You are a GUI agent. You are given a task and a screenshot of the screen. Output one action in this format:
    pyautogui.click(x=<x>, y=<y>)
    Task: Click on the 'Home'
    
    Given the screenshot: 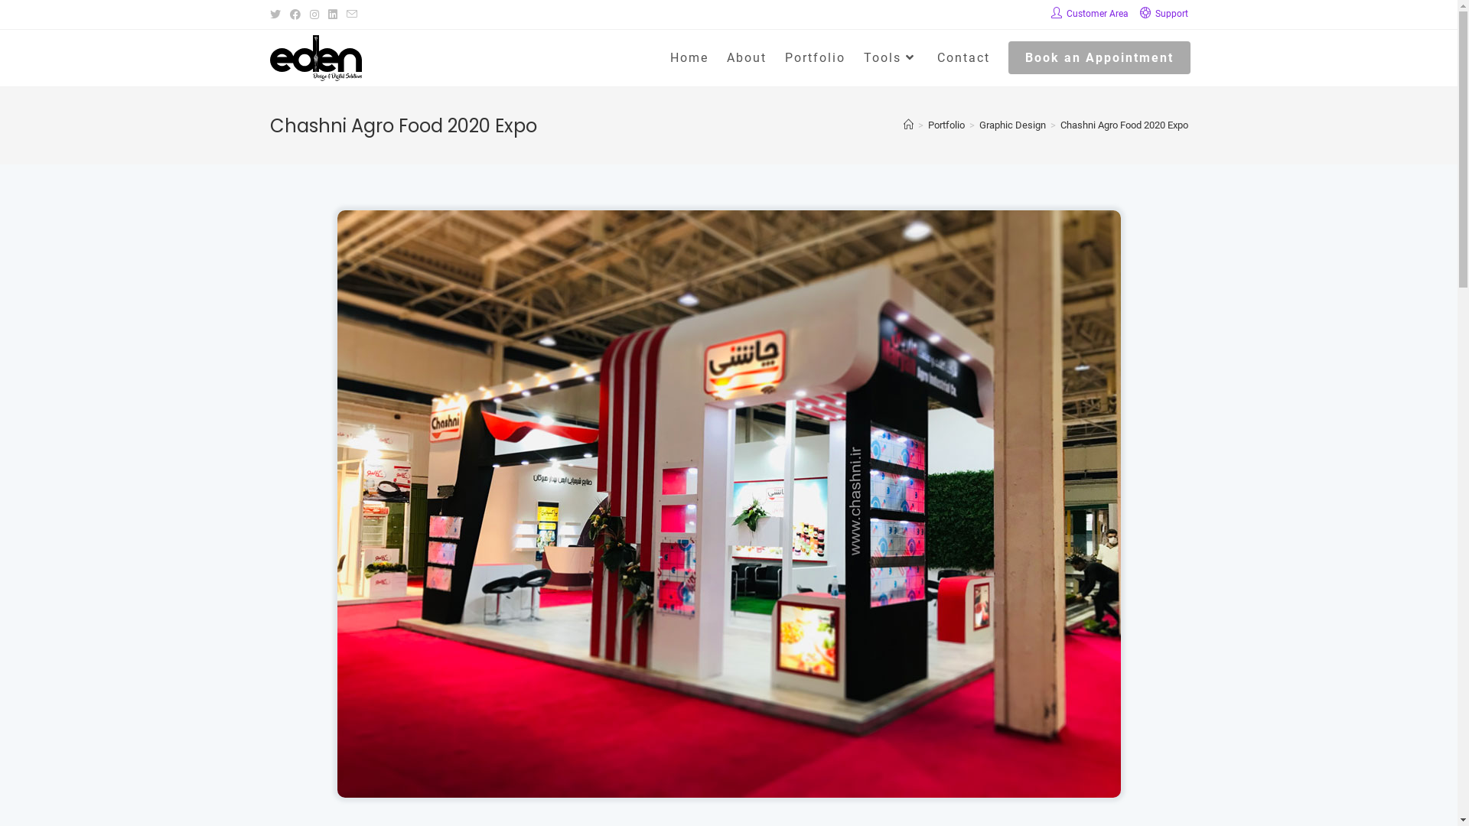 What is the action you would take?
    pyautogui.click(x=689, y=57)
    